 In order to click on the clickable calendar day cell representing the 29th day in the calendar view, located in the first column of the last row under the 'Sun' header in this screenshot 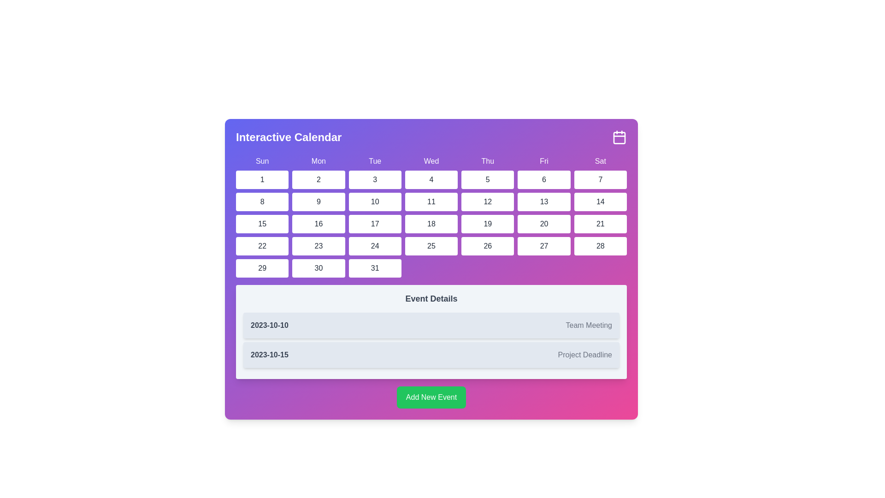, I will do `click(262, 268)`.